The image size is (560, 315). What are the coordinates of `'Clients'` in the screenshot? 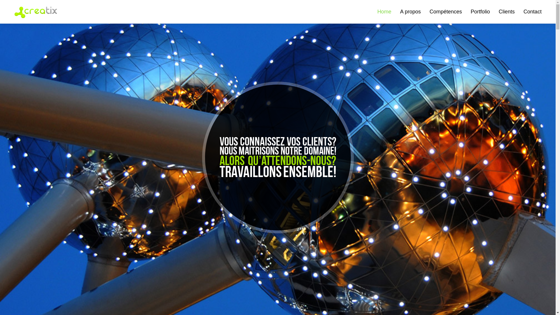 It's located at (506, 11).